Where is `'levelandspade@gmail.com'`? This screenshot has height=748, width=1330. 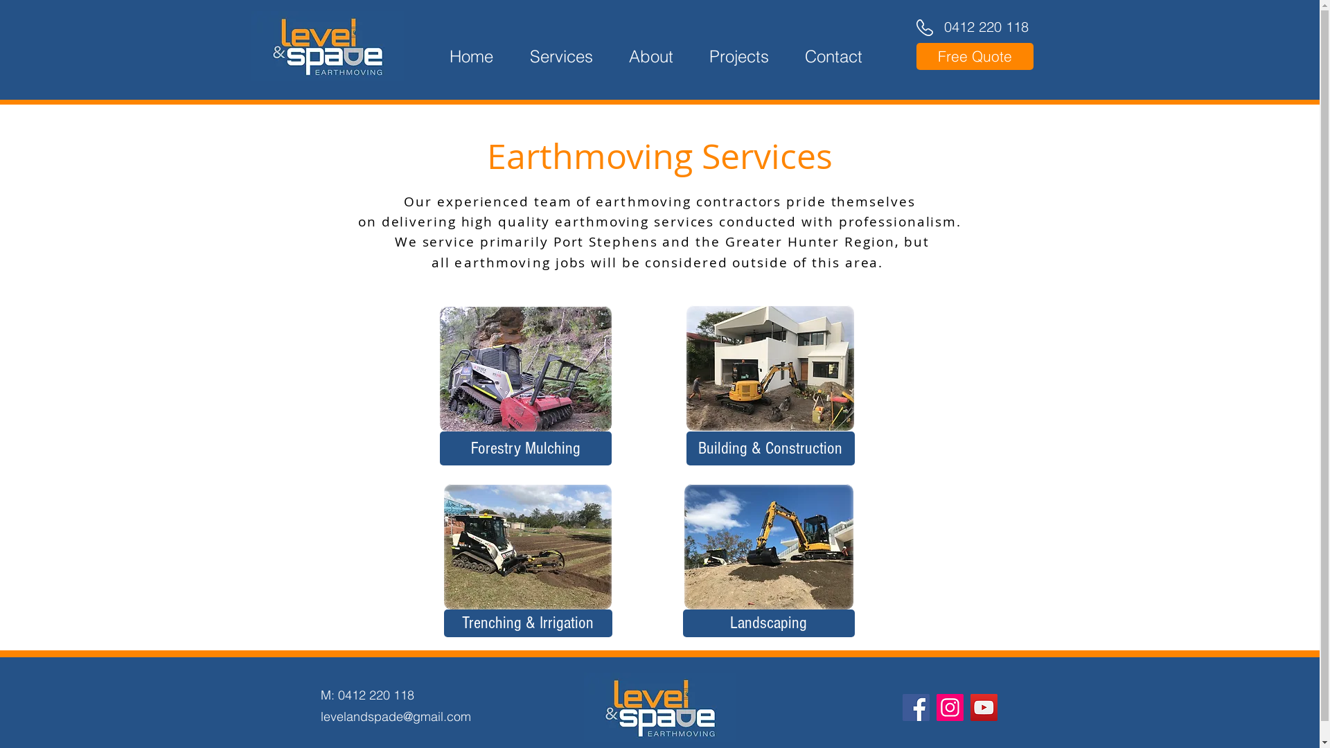
'levelandspade@gmail.com' is located at coordinates (394, 716).